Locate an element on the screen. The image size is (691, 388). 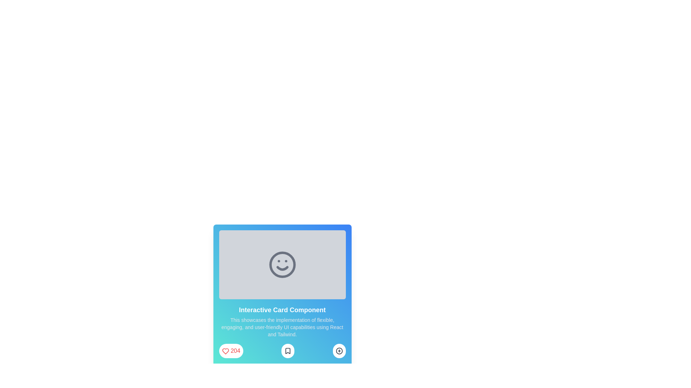
the bookmark icon, which is a rectangular shape with a triangular notch at the bottom, located in the second of three horizontally aligned circular buttons at the bottom of the card layout is located at coordinates (288, 350).